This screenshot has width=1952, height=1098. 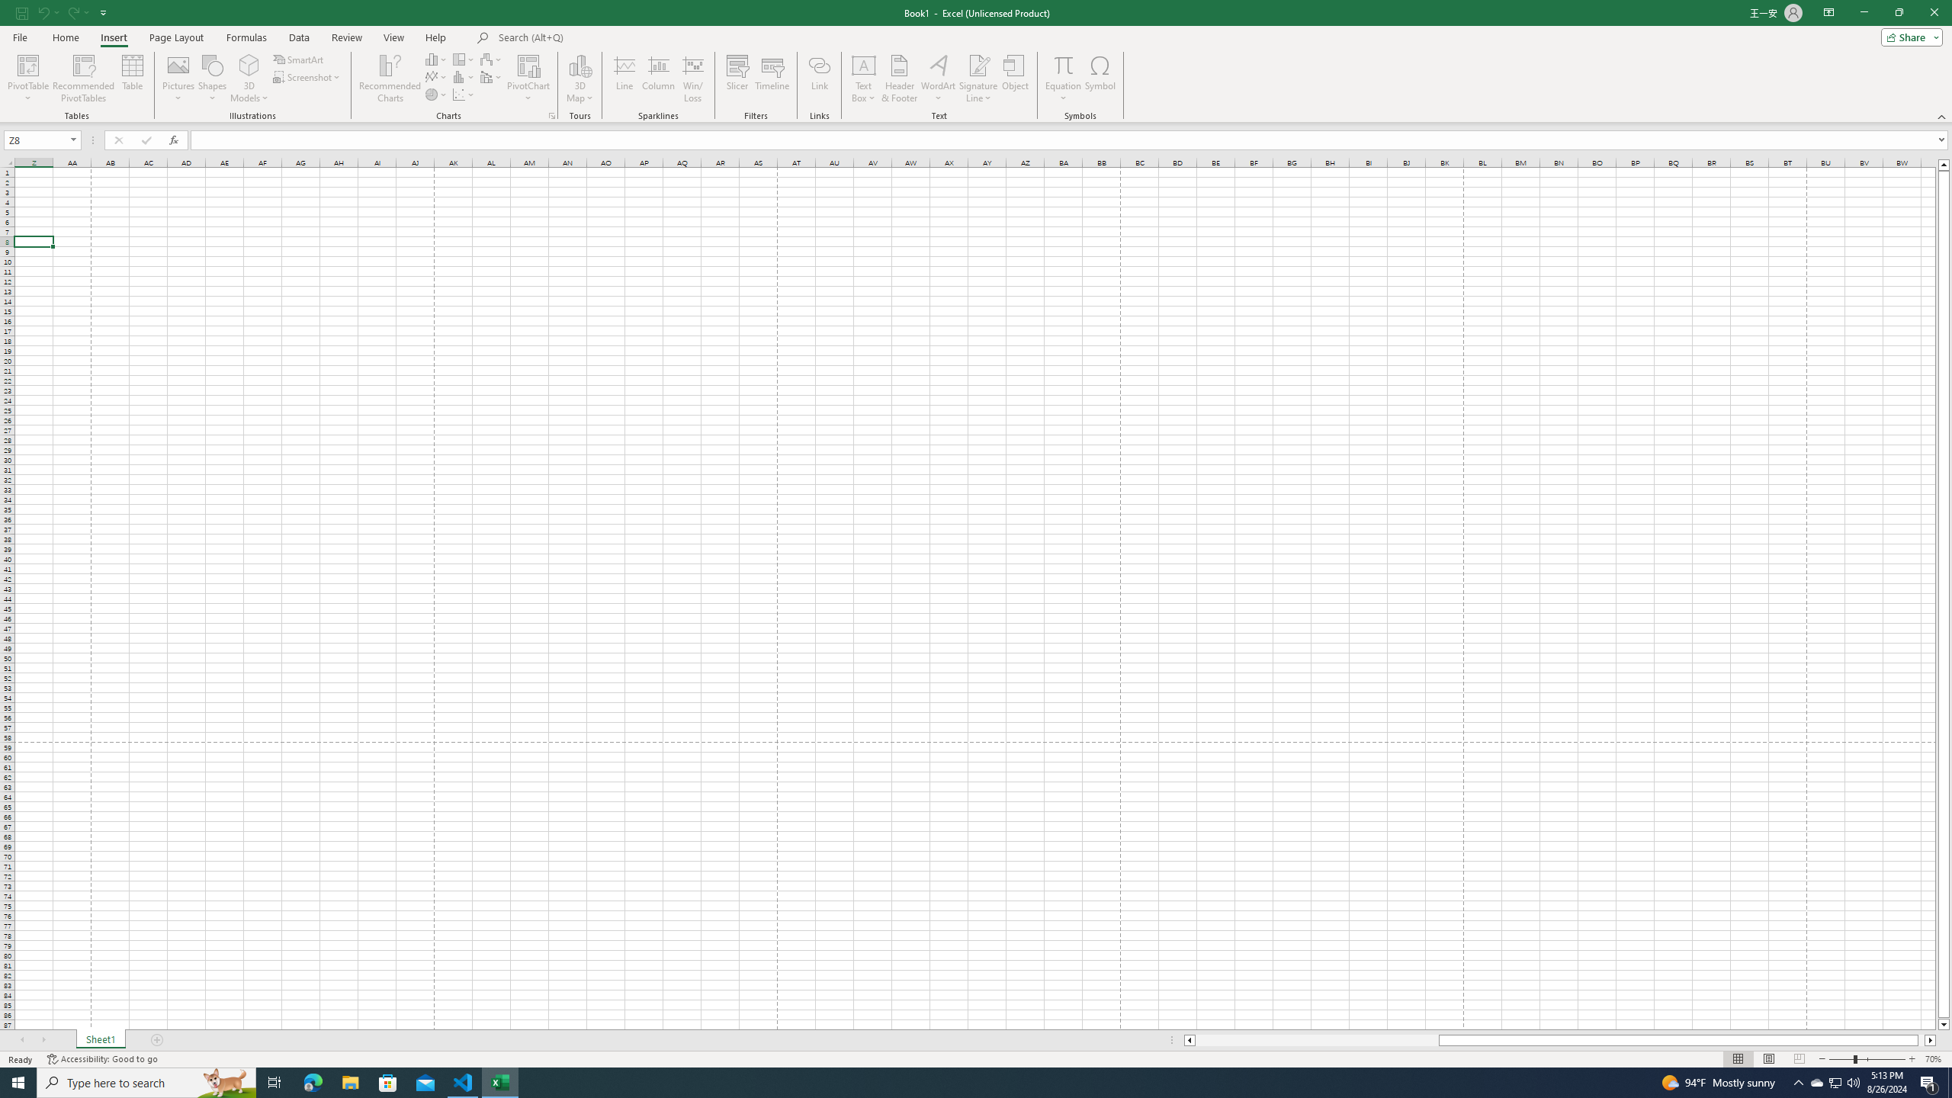 I want to click on 'Recommended PivotTables', so click(x=84, y=79).